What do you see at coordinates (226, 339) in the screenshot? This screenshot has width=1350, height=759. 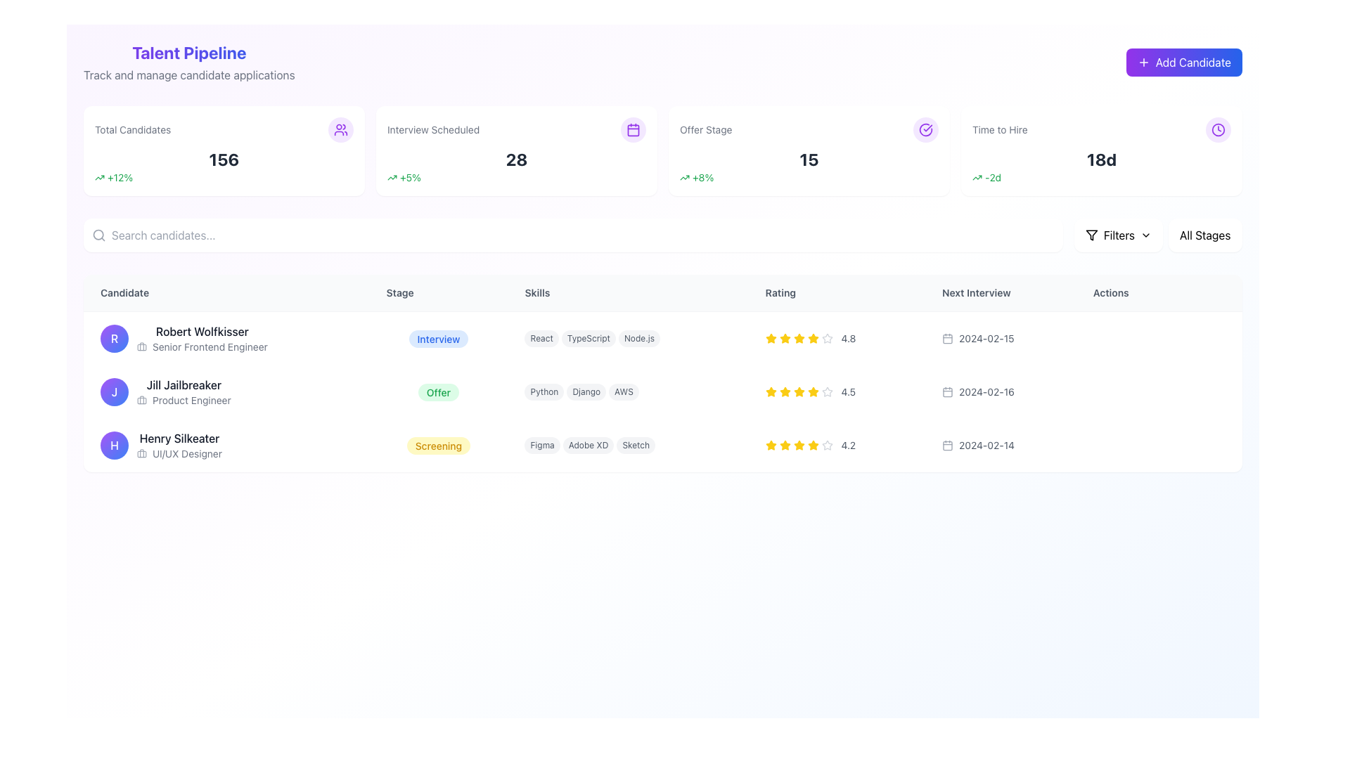 I see `the first candidate list item in the 'Candidate' column of the tabular layout` at bounding box center [226, 339].